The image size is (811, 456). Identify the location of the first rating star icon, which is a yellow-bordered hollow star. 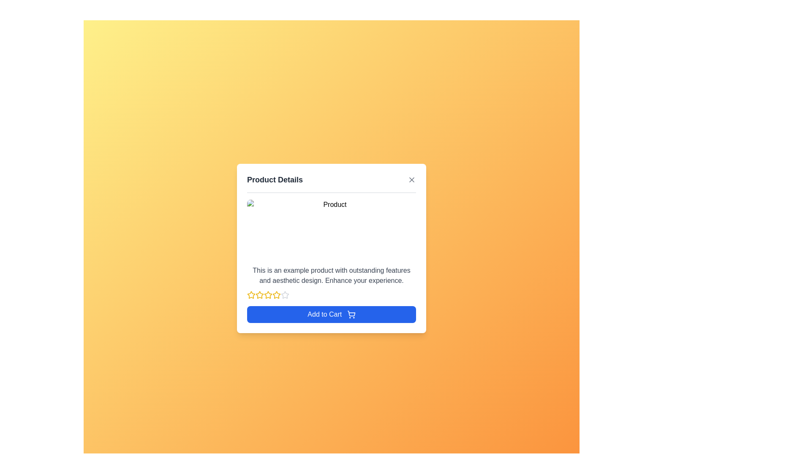
(251, 294).